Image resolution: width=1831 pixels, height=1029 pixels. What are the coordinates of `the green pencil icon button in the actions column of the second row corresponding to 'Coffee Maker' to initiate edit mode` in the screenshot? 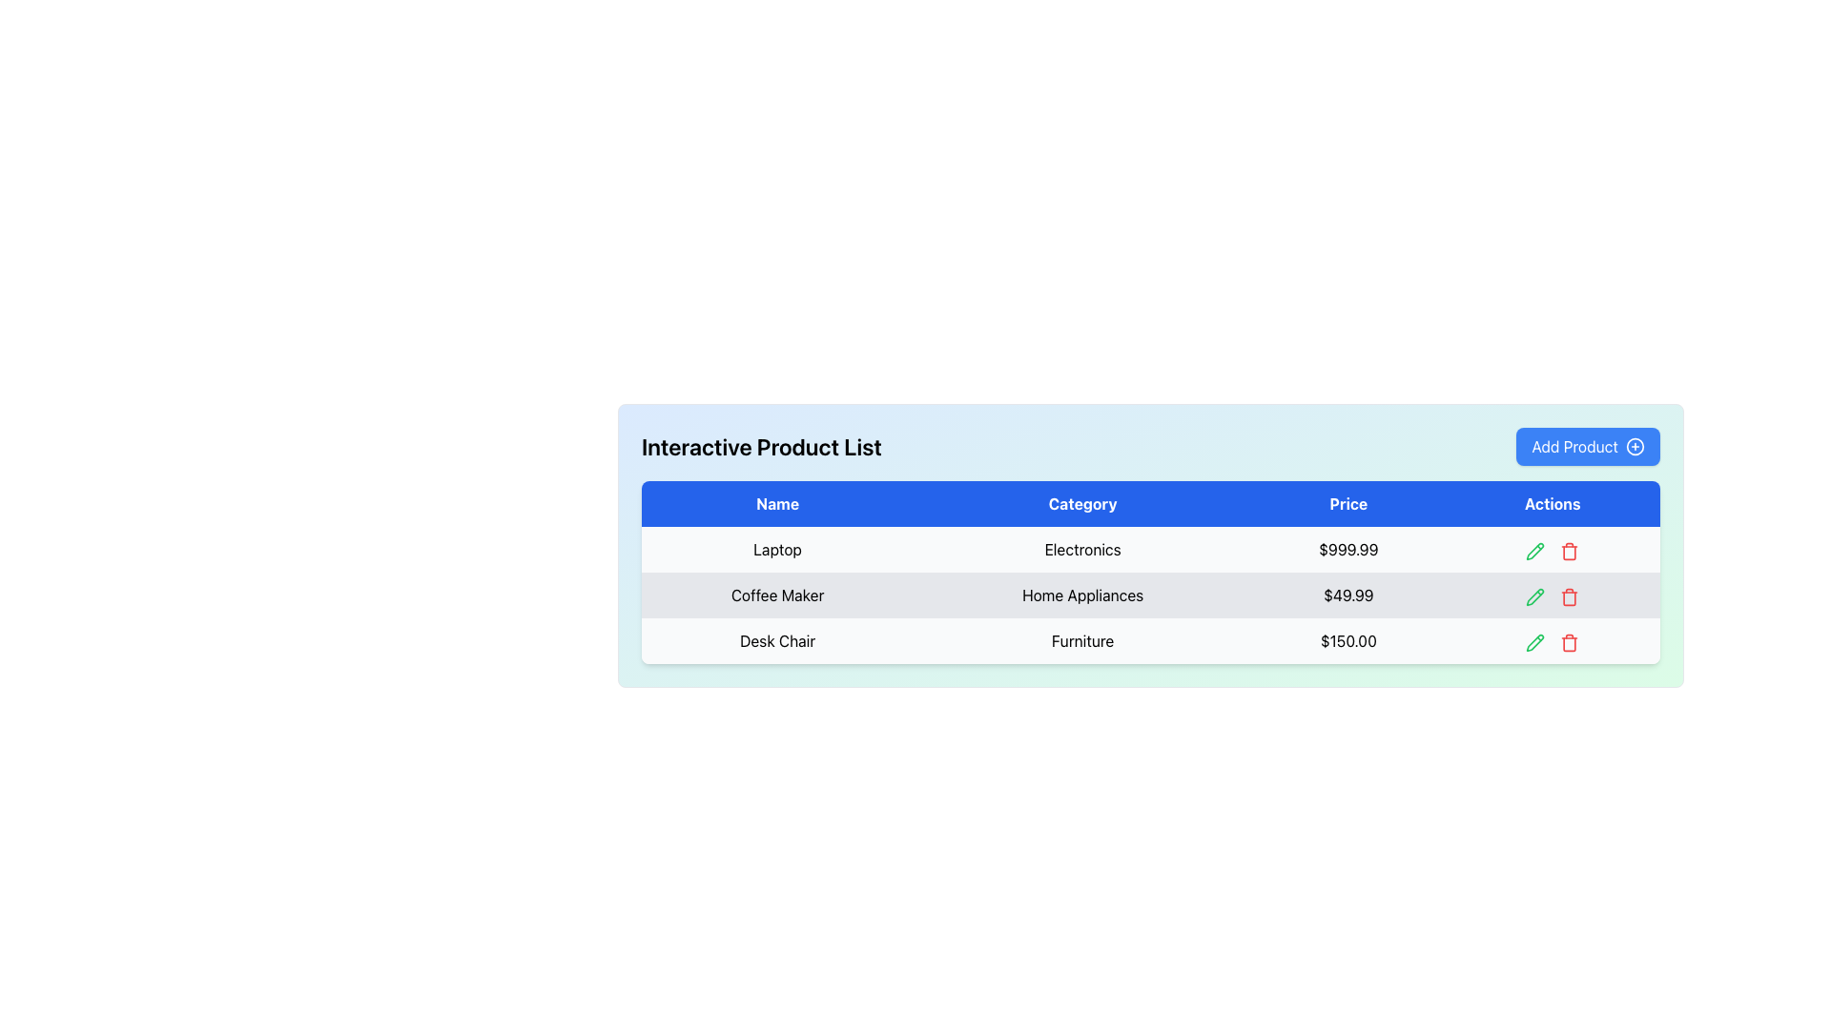 It's located at (1535, 595).